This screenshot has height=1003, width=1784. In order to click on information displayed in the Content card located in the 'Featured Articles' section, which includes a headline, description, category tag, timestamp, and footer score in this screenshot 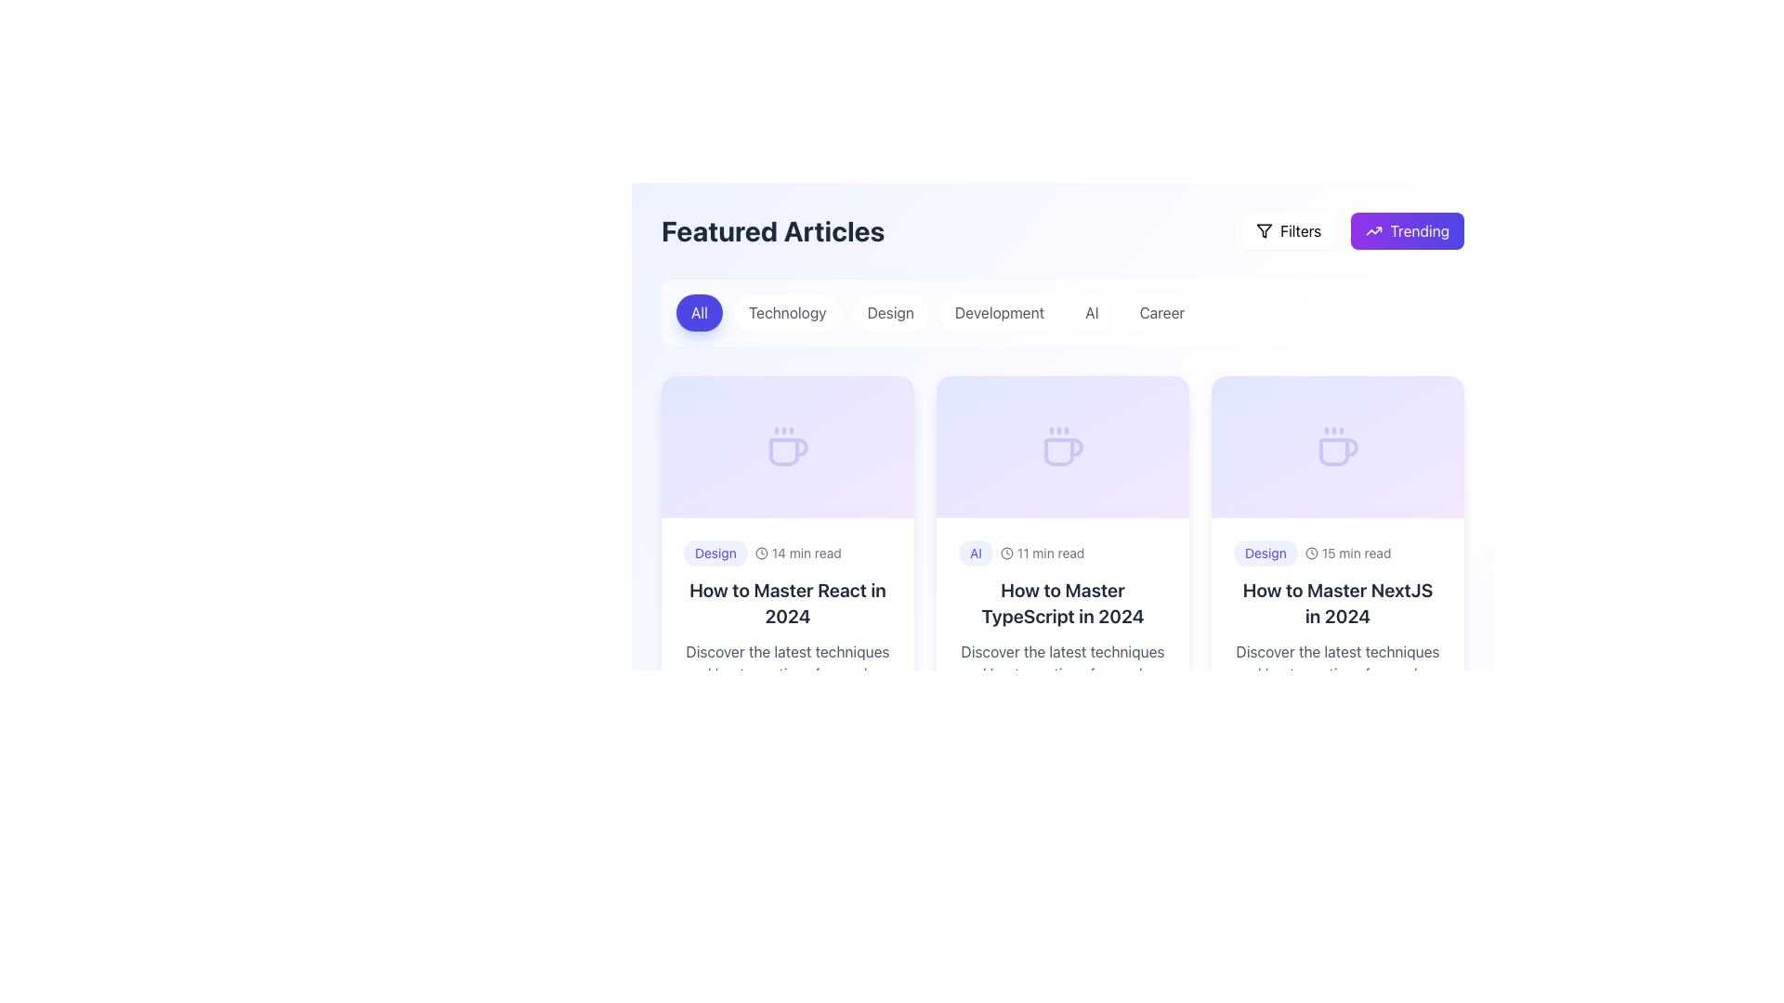, I will do `click(1062, 635)`.